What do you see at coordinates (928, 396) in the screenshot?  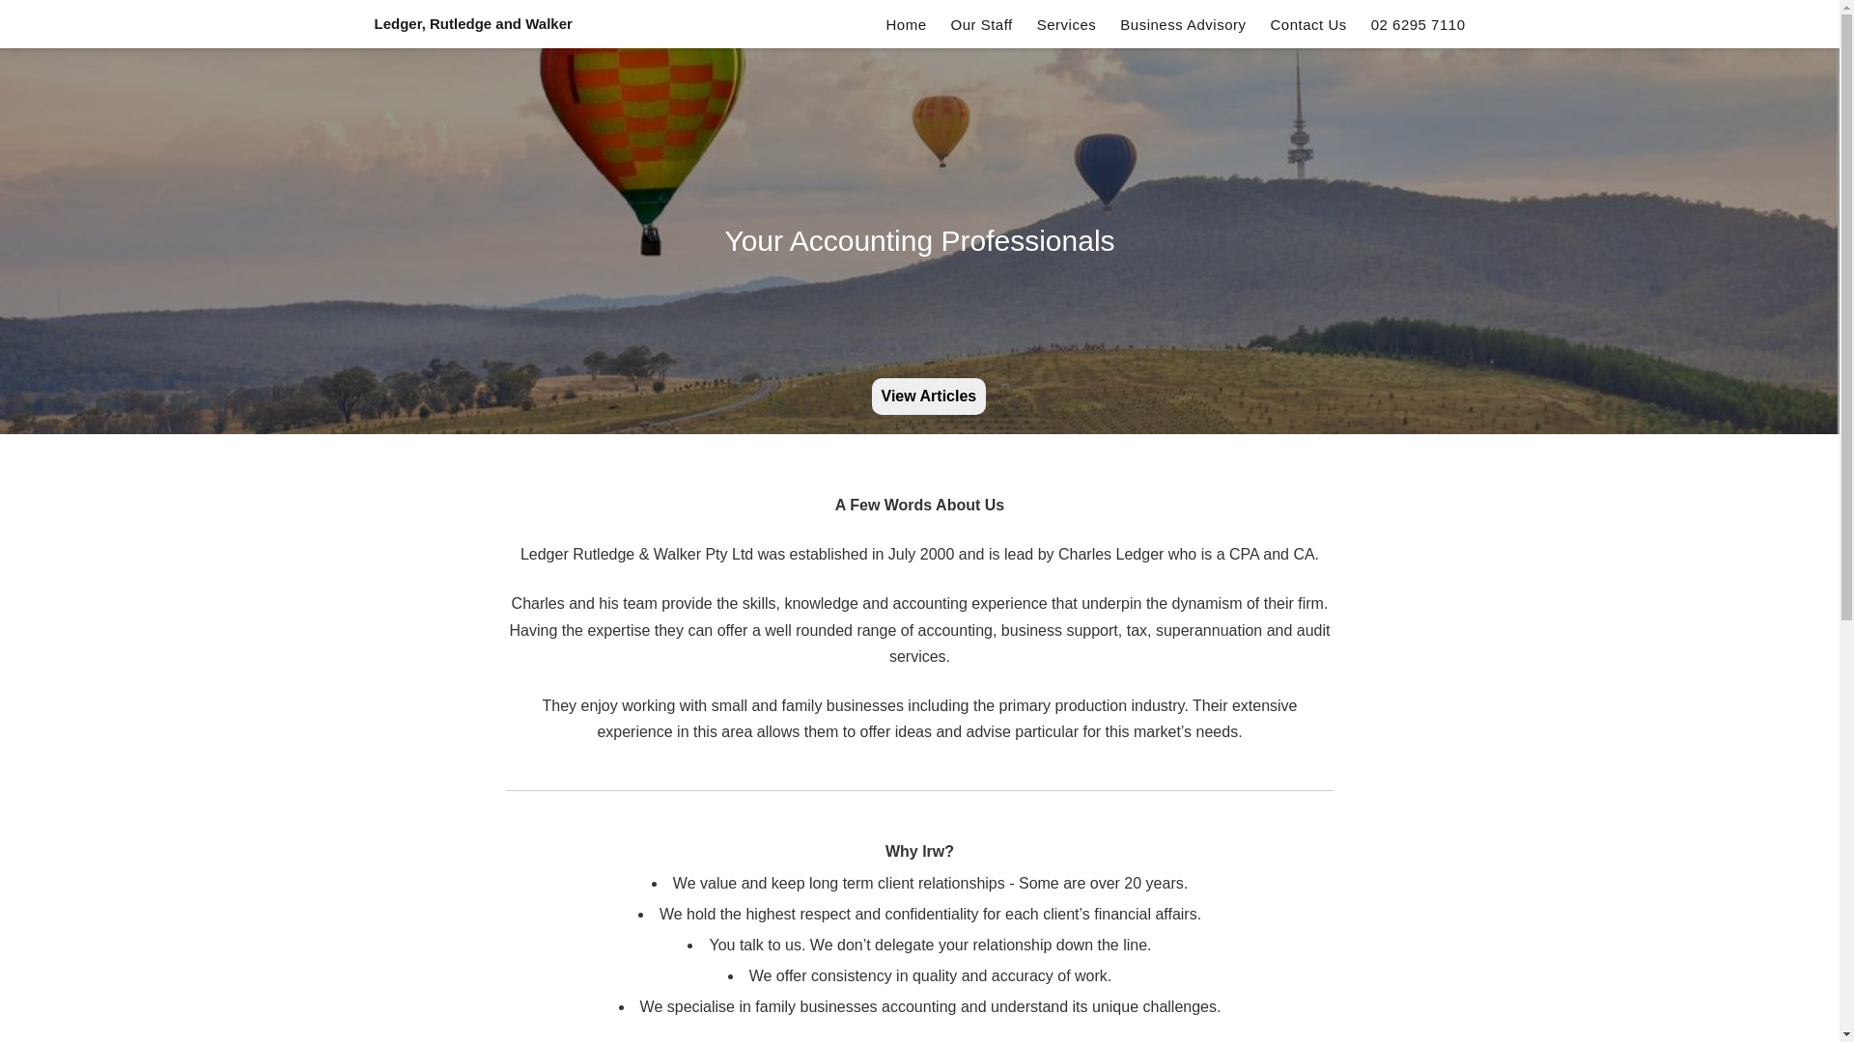 I see `'View Articles'` at bounding box center [928, 396].